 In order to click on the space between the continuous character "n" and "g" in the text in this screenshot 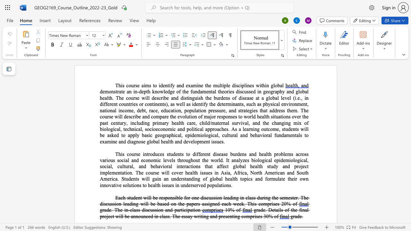, I will do `click(257, 129)`.